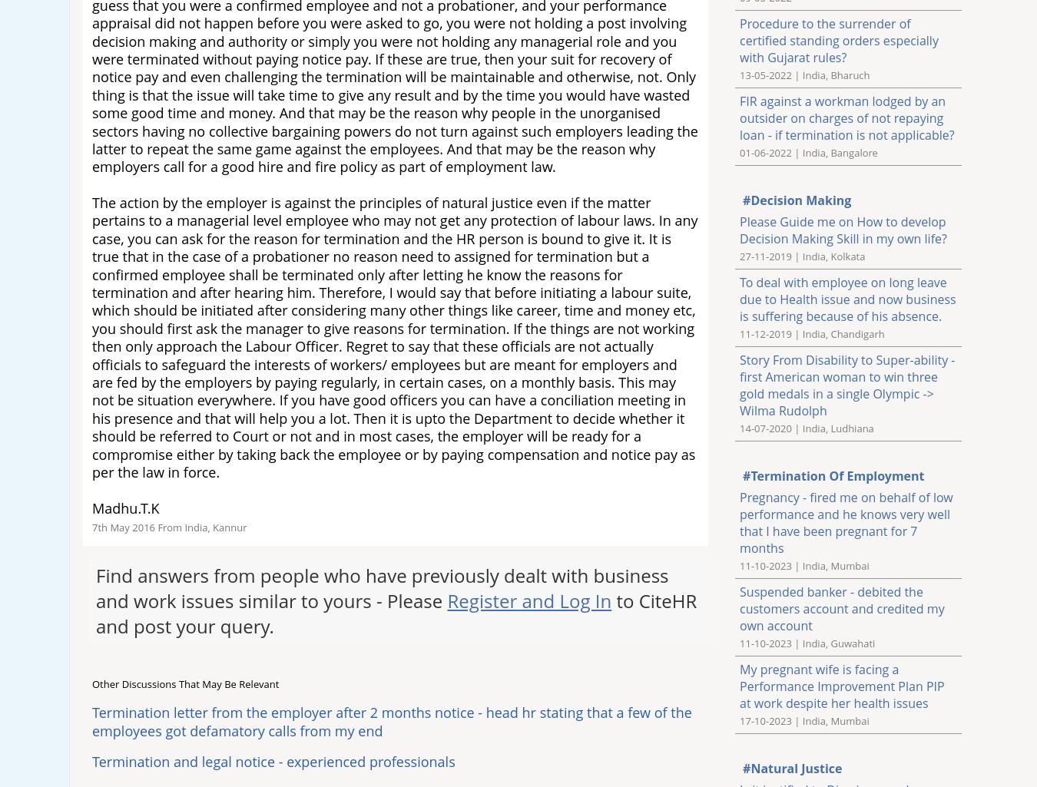 Image resolution: width=1037 pixels, height=787 pixels. Describe the element at coordinates (842, 608) in the screenshot. I see `'Suspended banker - debited the customers account and credited my own account'` at that location.